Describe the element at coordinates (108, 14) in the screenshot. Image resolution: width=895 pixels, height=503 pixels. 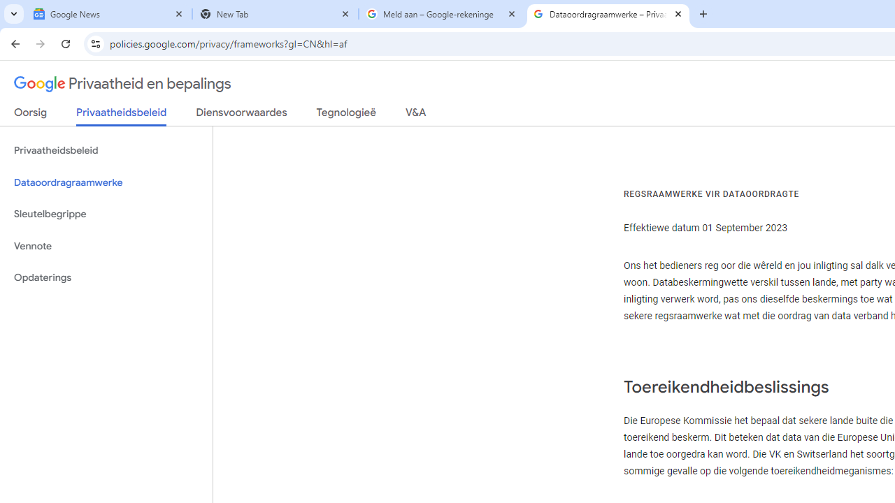
I see `'Google News'` at that location.